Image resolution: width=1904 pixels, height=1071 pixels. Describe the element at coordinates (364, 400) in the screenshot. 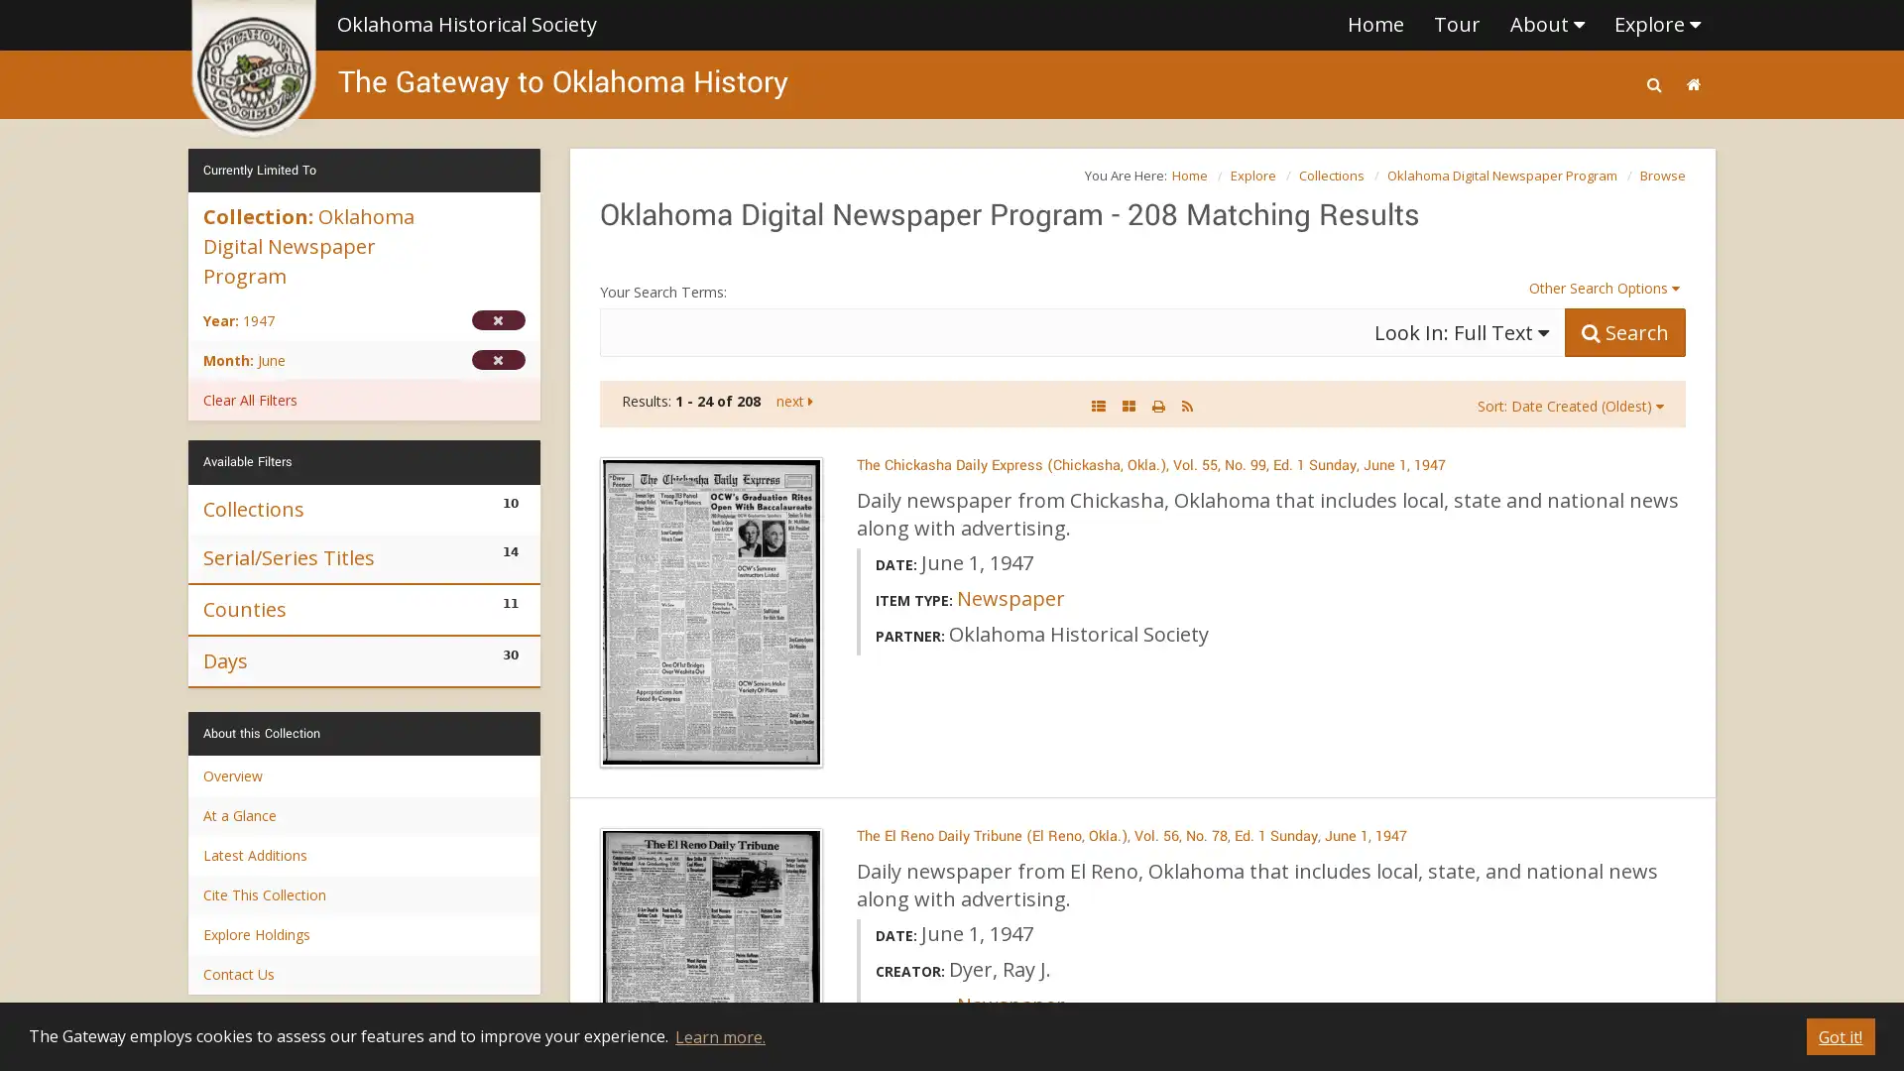

I see `Clear All Filters` at that location.